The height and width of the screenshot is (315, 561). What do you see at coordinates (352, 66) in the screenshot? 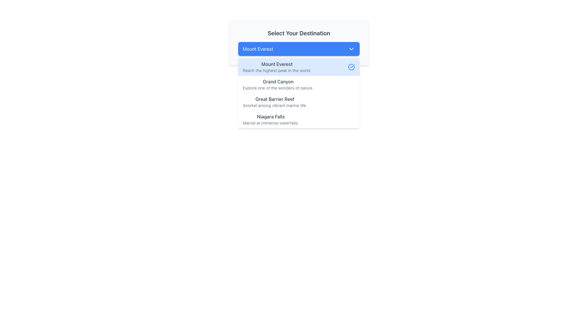
I see `the checkmark icon indicating the 'Mount Everest' option in the dropdown menu, which confirms the user's selection` at bounding box center [352, 66].